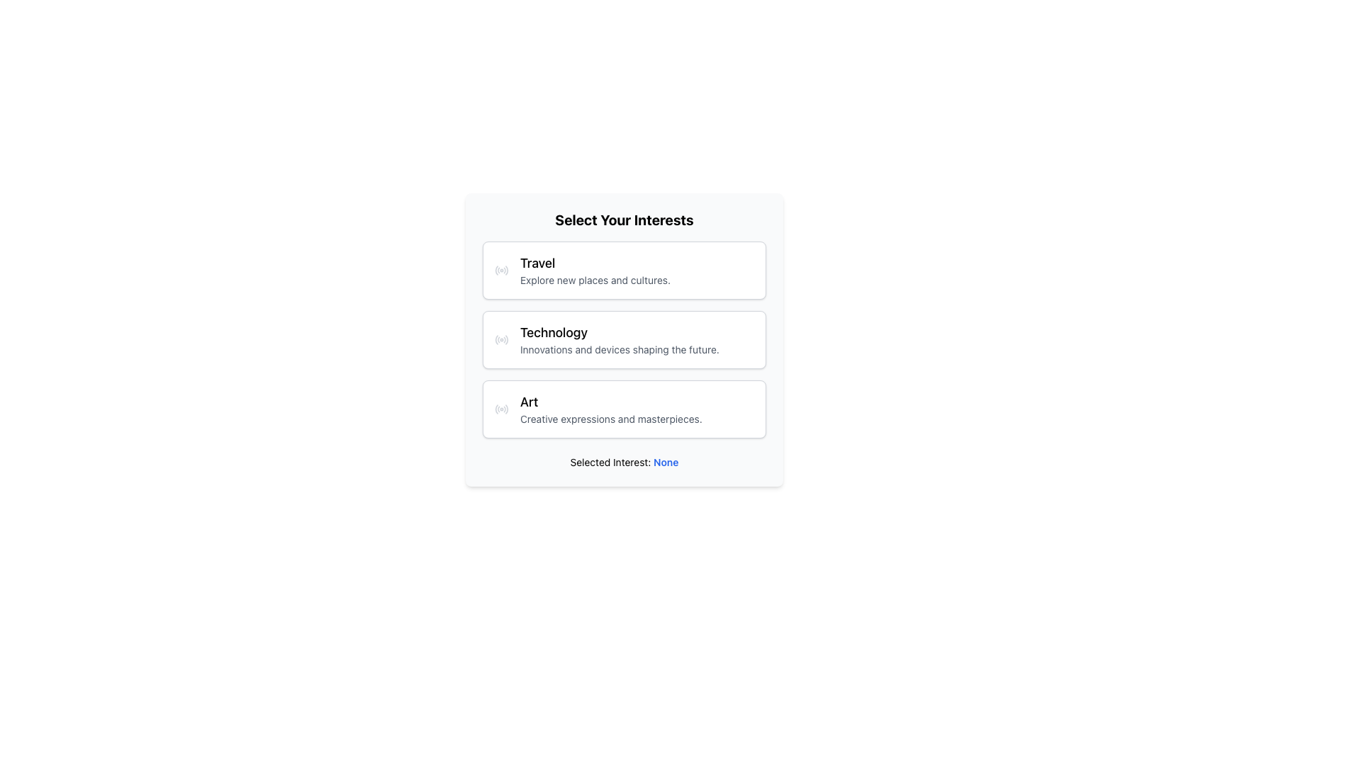 This screenshot has height=765, width=1361. Describe the element at coordinates (611, 418) in the screenshot. I see `the text label providing additional information about the 'Art' category located below the heading 'Art' in the 'Select Your Interests' list` at that location.